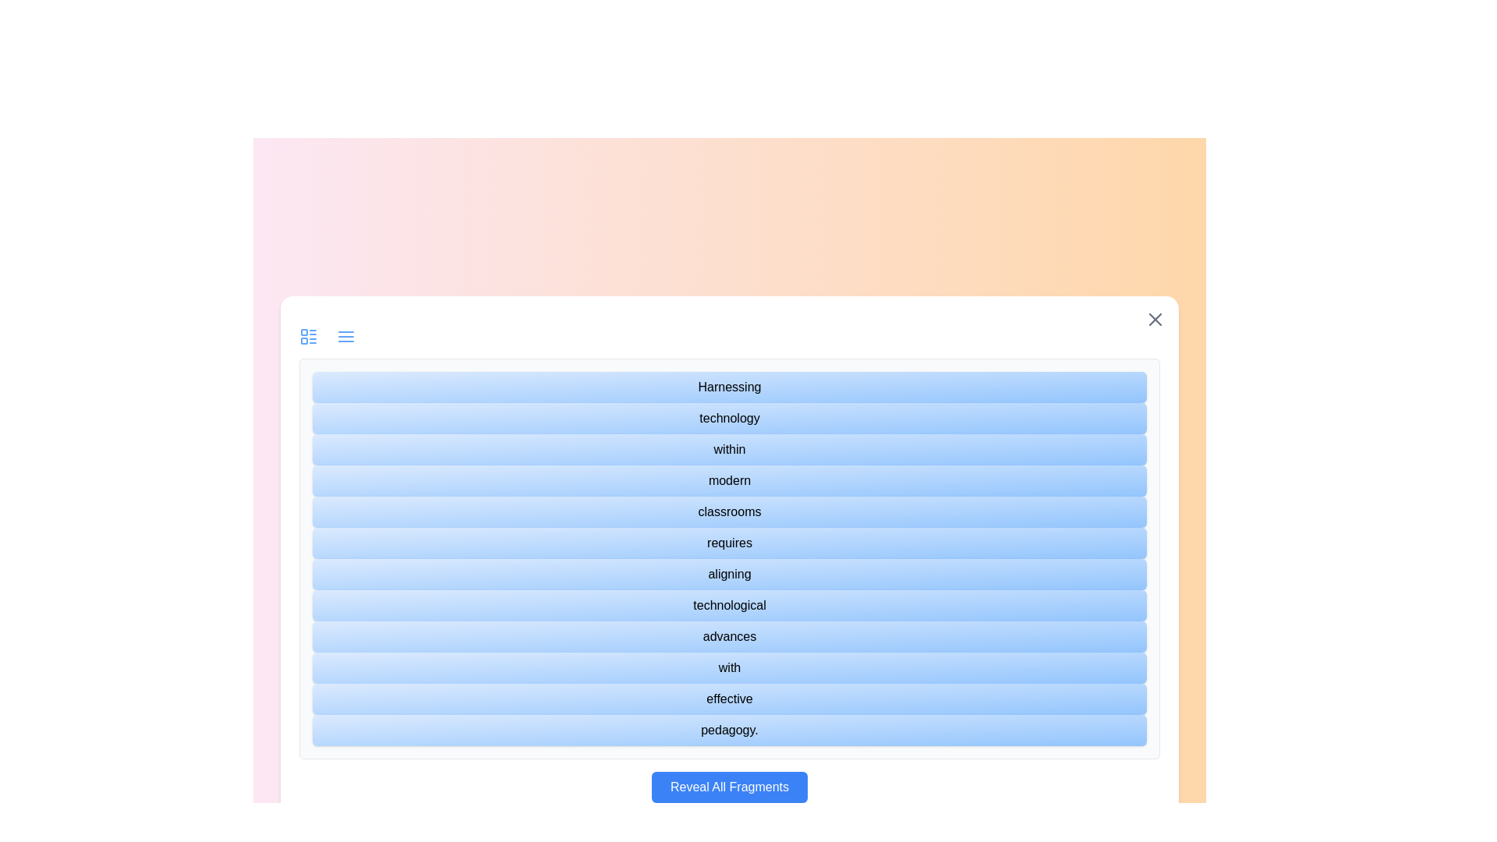 The image size is (1497, 842). What do you see at coordinates (729, 450) in the screenshot?
I see `the text fragment labeled 'within'` at bounding box center [729, 450].